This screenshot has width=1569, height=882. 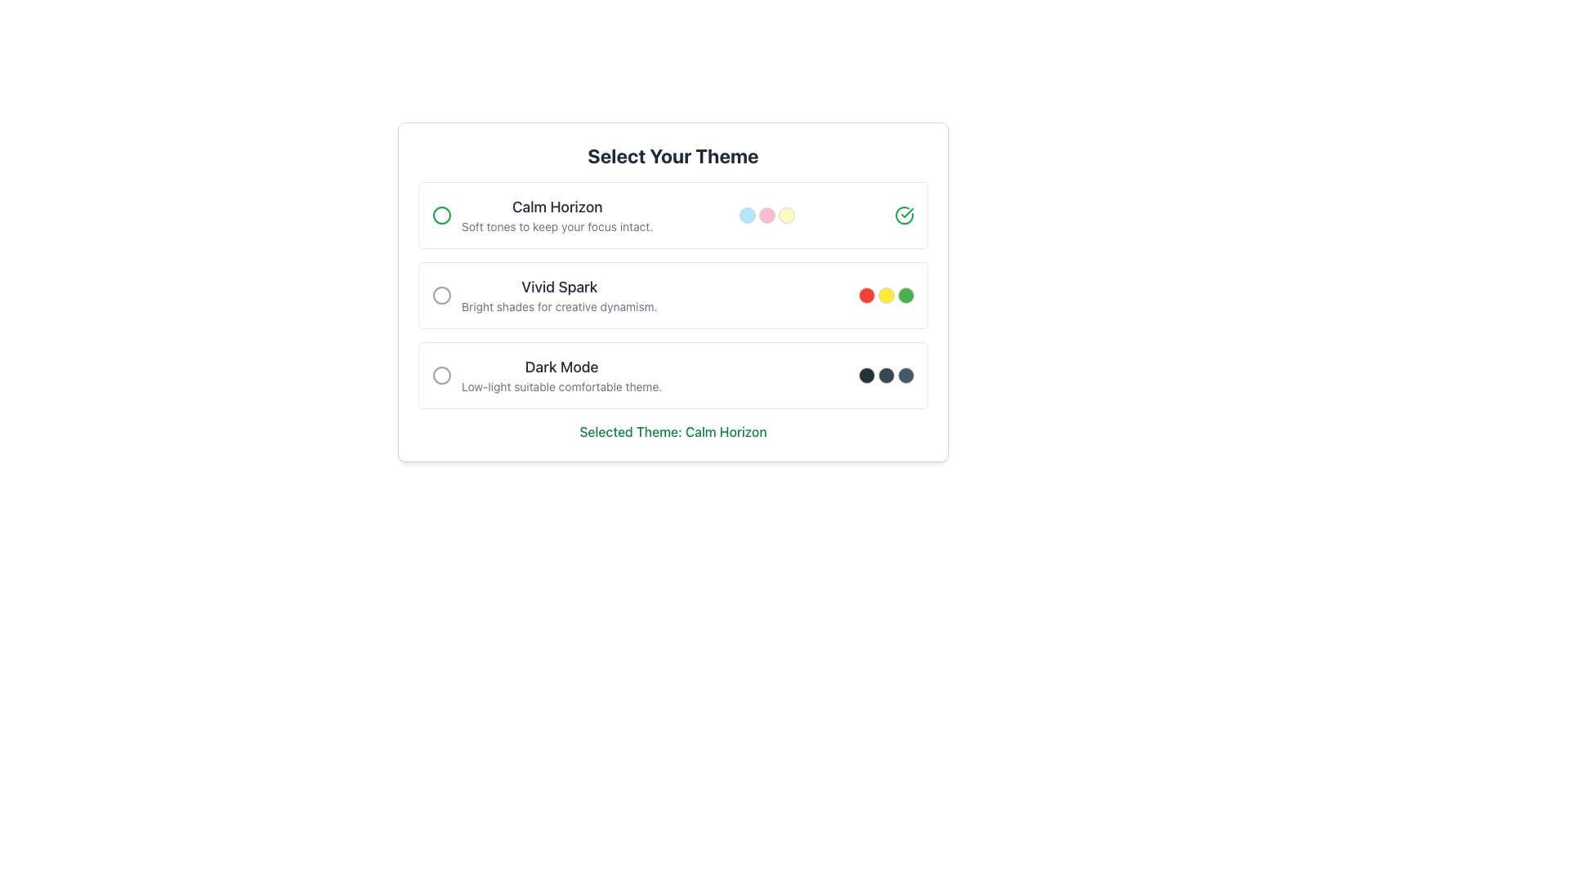 What do you see at coordinates (442, 214) in the screenshot?
I see `the green circular icon with a hollow center in the 'Calm Horizon' theme selection panel, positioned to the left of its text label` at bounding box center [442, 214].